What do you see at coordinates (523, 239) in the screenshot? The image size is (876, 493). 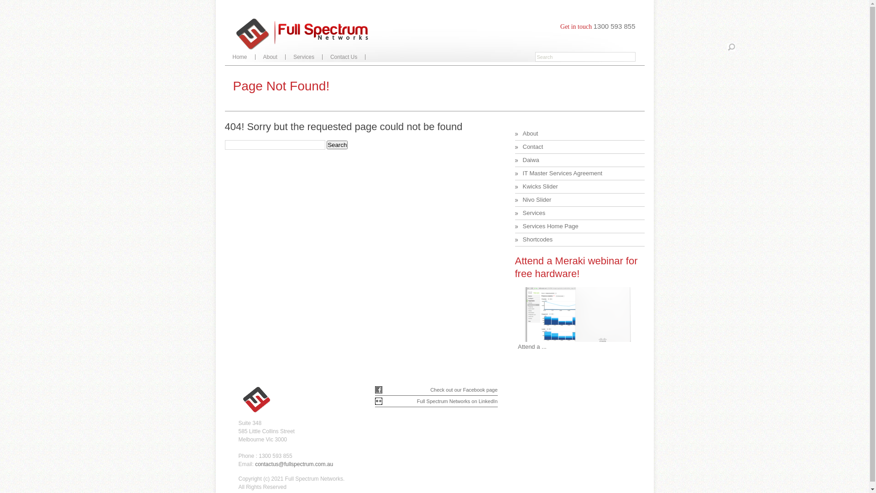 I see `'Shortcodes'` at bounding box center [523, 239].